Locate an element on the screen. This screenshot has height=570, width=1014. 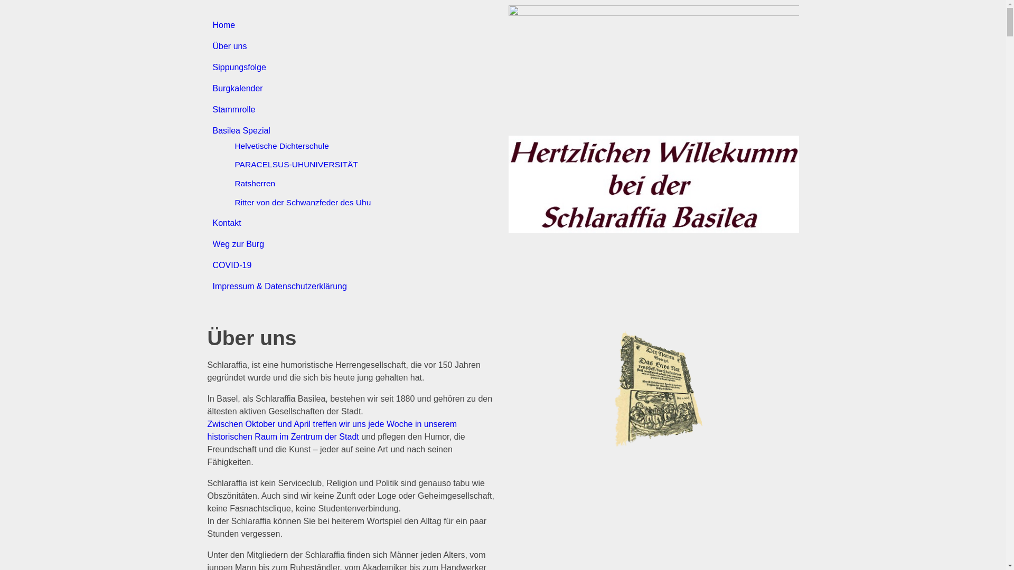
'Sippungsfolge' is located at coordinates (212, 67).